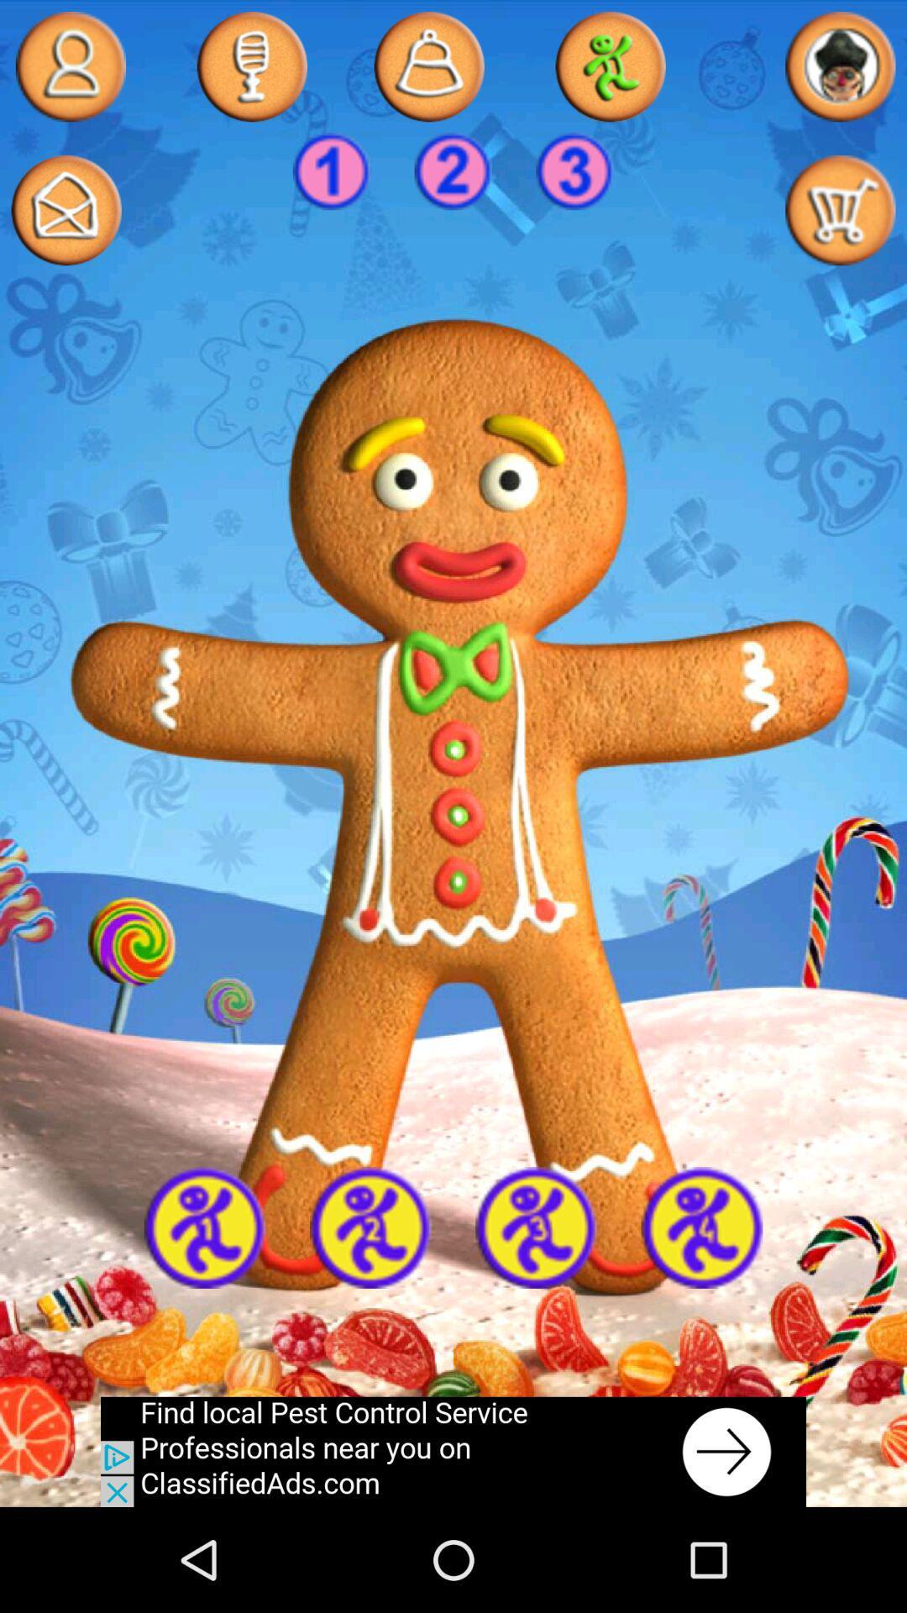 The image size is (907, 1613). I want to click on the email icon, so click(66, 223).